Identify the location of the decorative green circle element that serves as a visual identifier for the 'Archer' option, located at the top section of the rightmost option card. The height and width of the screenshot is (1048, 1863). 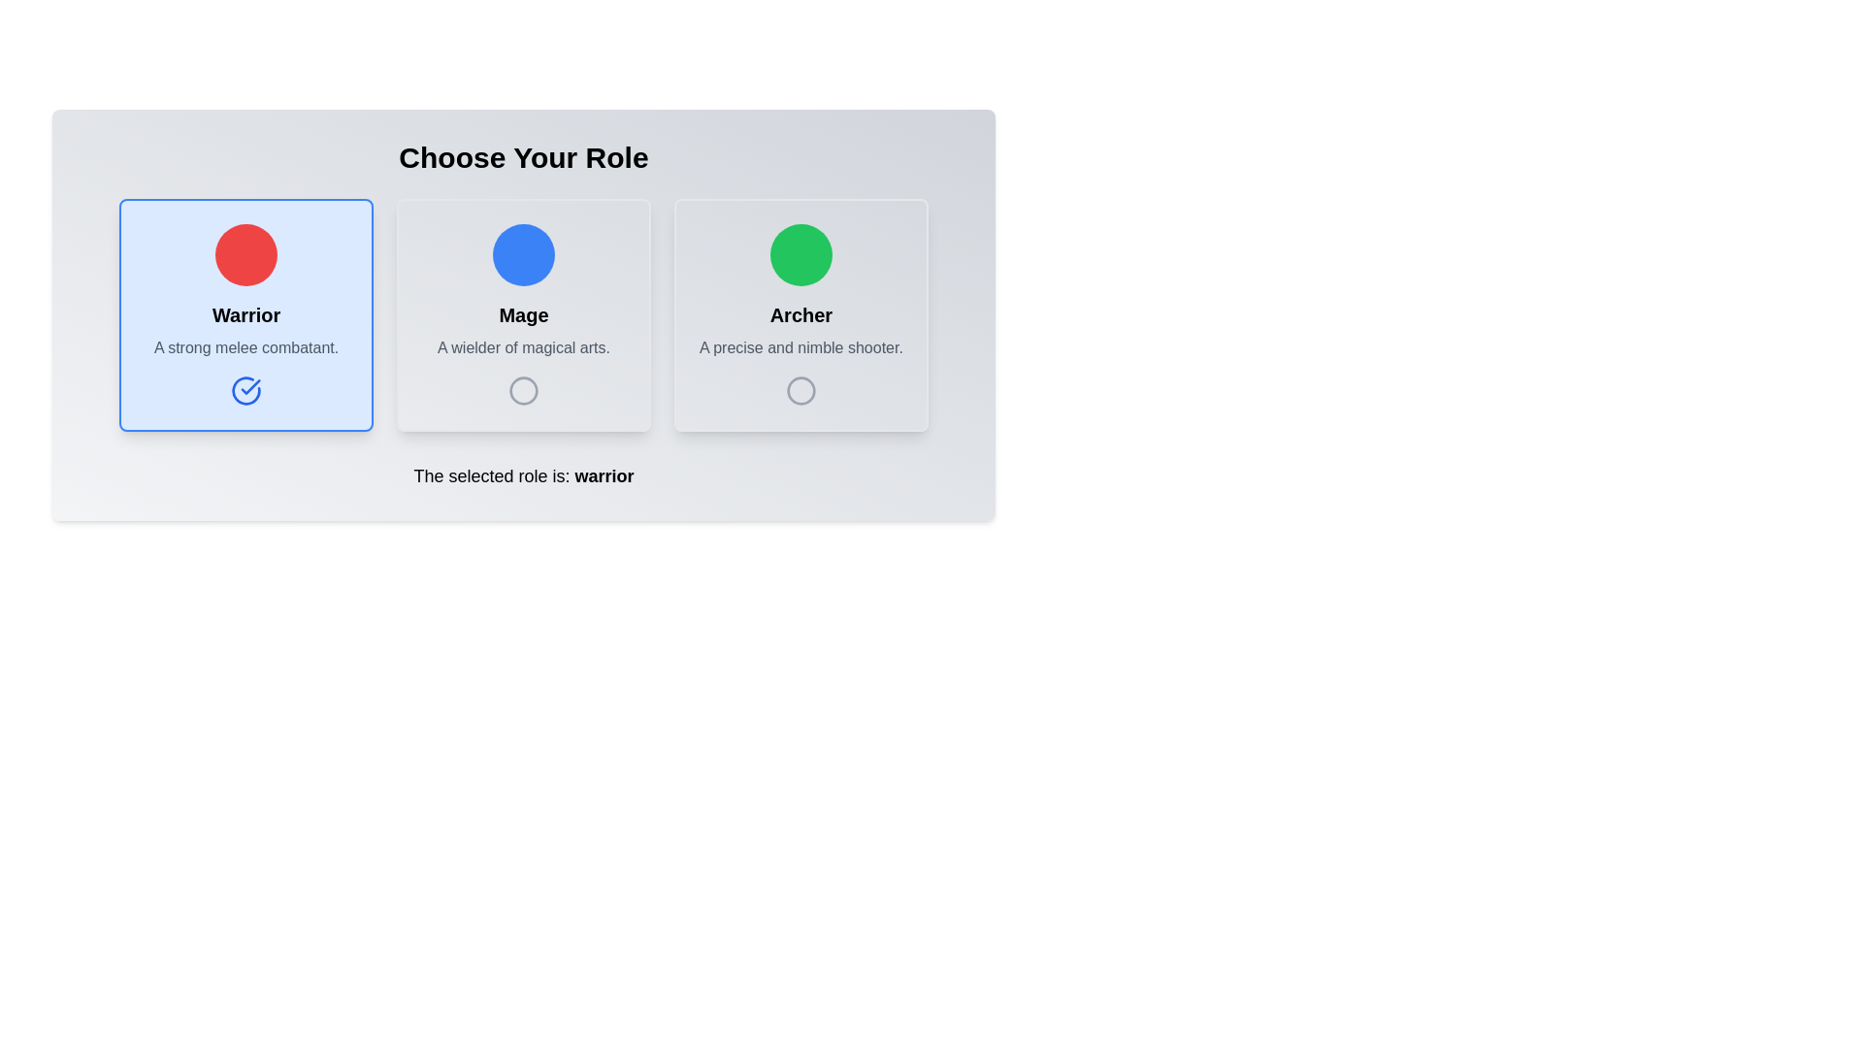
(801, 253).